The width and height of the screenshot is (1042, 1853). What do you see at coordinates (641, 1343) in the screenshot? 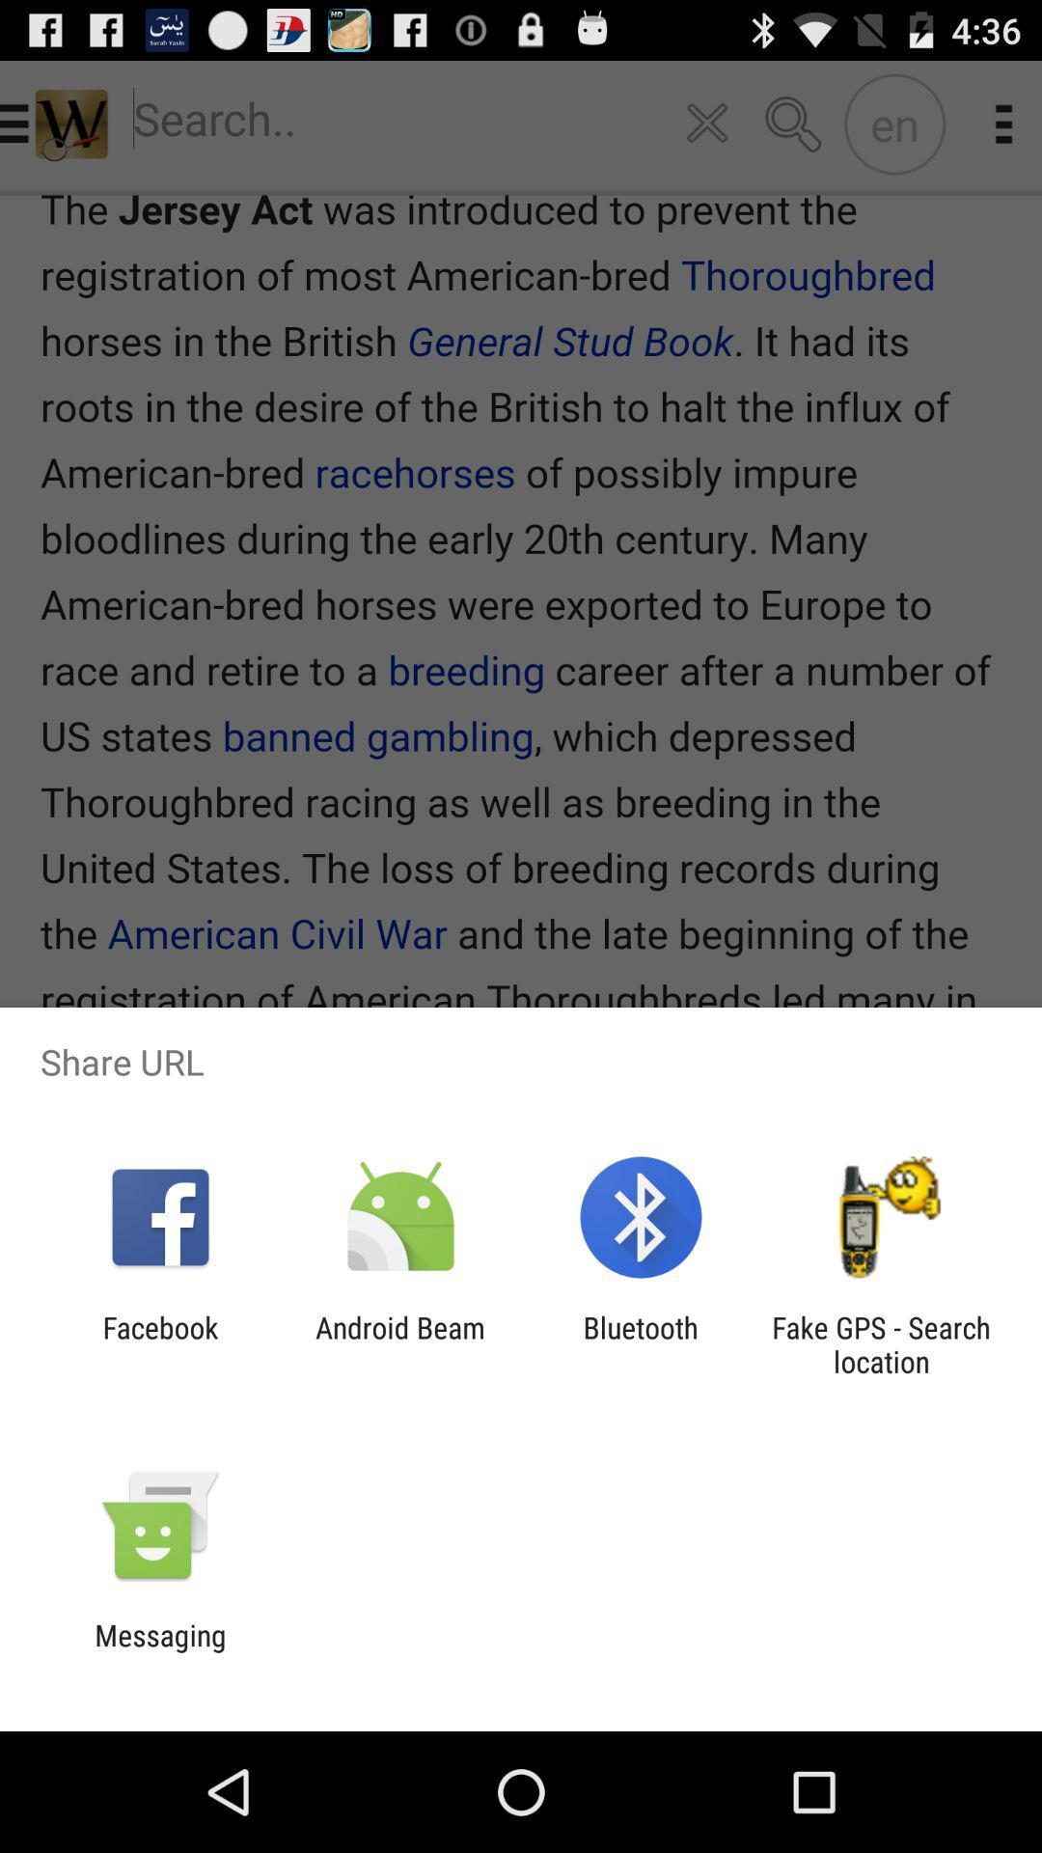
I see `the bluetooth` at bounding box center [641, 1343].